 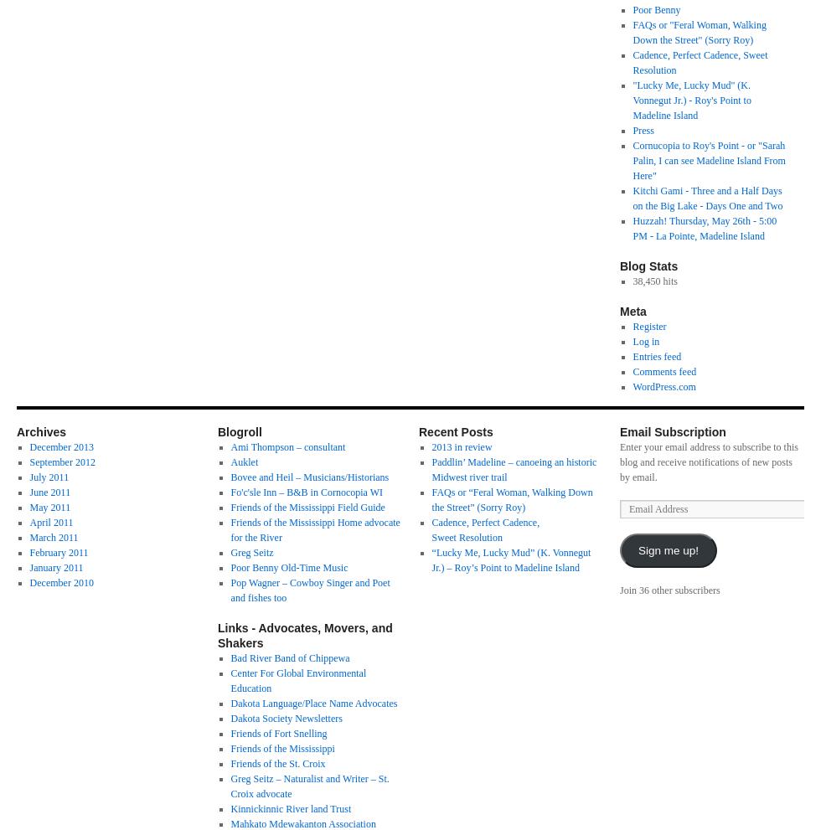 What do you see at coordinates (49, 492) in the screenshot?
I see `'June 2011'` at bounding box center [49, 492].